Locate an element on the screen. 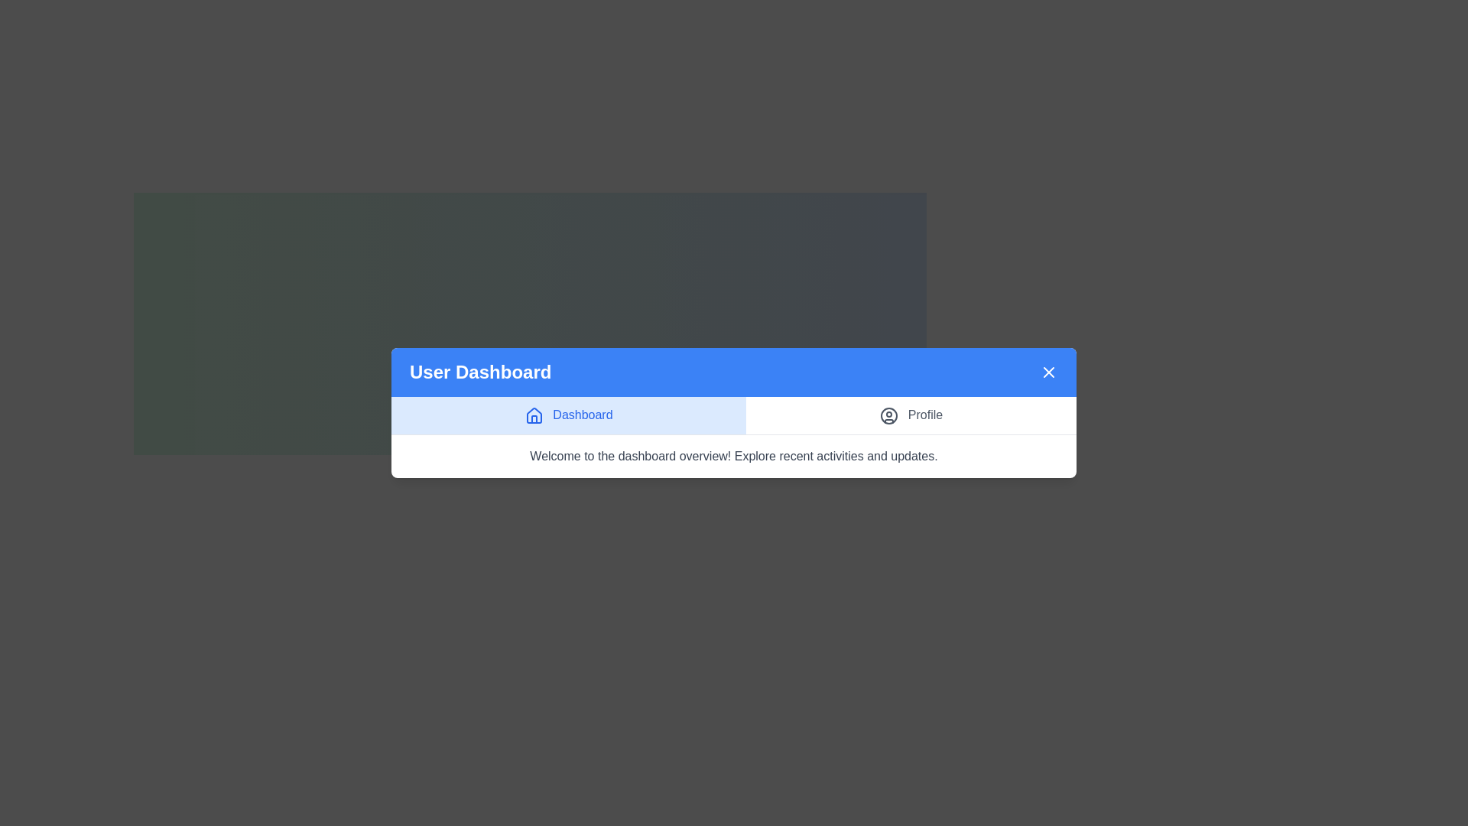 This screenshot has height=826, width=1468. the 'User Dashboard' text label, which is a bold, large white font on a blue background, located at the top-left of the header bar is located at coordinates (479, 372).